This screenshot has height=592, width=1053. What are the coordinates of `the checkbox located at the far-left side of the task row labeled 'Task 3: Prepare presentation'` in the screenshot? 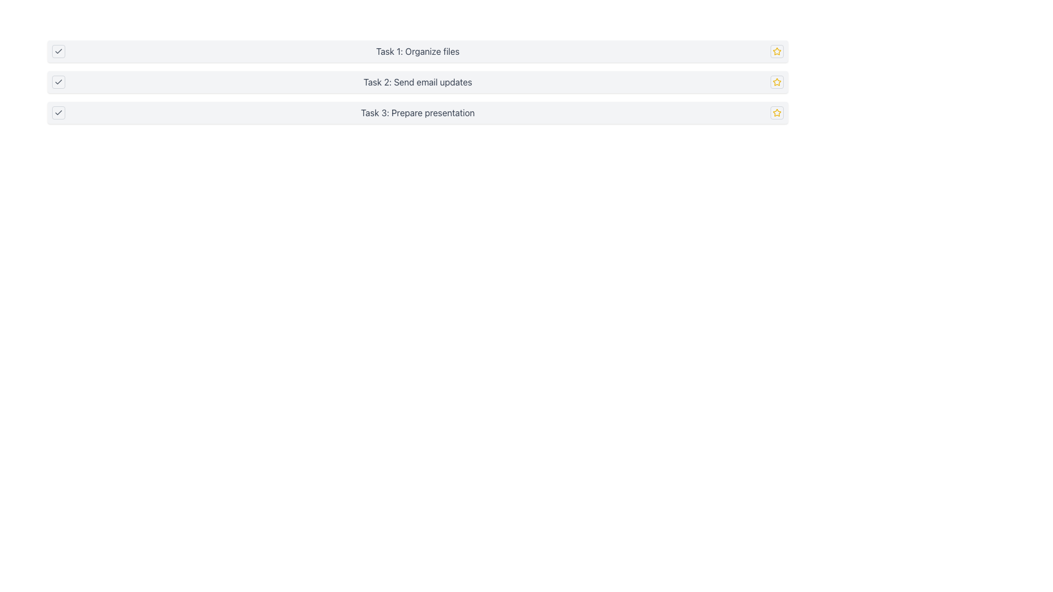 It's located at (58, 112).